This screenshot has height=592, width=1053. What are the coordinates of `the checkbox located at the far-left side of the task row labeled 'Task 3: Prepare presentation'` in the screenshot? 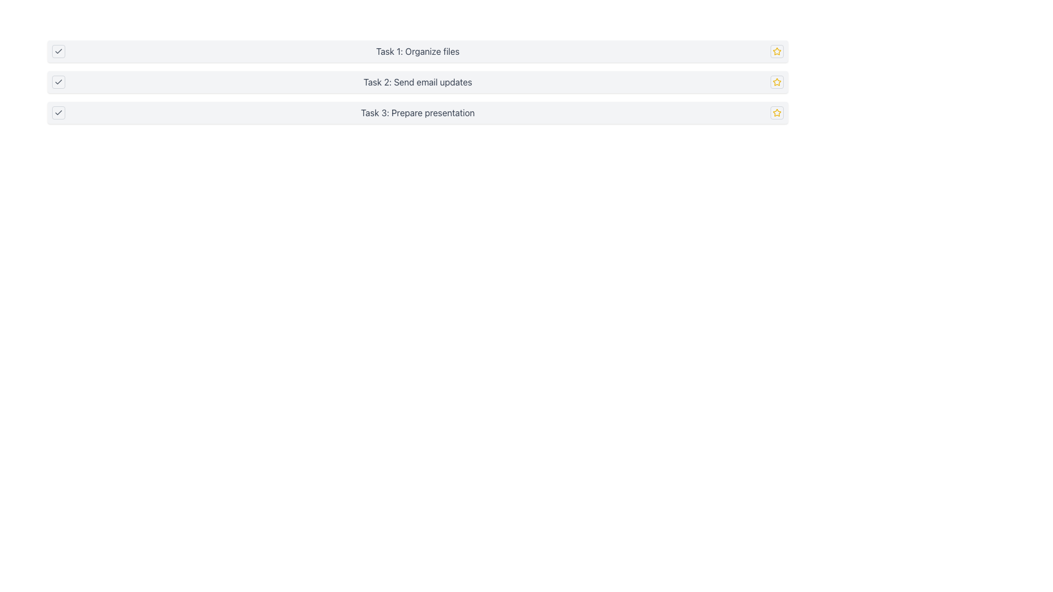 It's located at (58, 112).